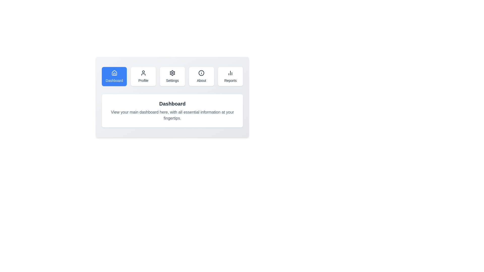  What do you see at coordinates (114, 73) in the screenshot?
I see `the icon of the Dashboard tab to examine its visual details` at bounding box center [114, 73].